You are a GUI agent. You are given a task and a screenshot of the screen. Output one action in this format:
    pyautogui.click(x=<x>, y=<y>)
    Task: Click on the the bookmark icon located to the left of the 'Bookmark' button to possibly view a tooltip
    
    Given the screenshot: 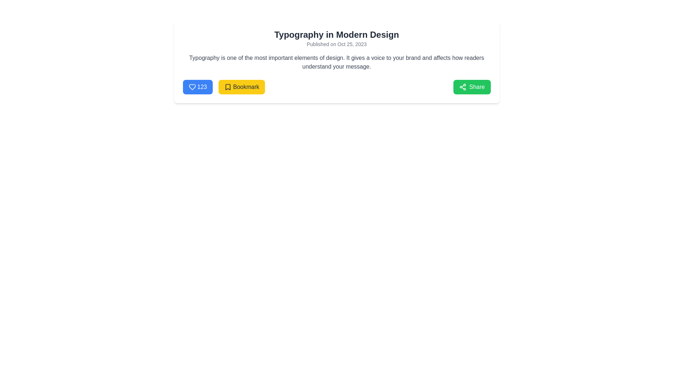 What is the action you would take?
    pyautogui.click(x=228, y=86)
    